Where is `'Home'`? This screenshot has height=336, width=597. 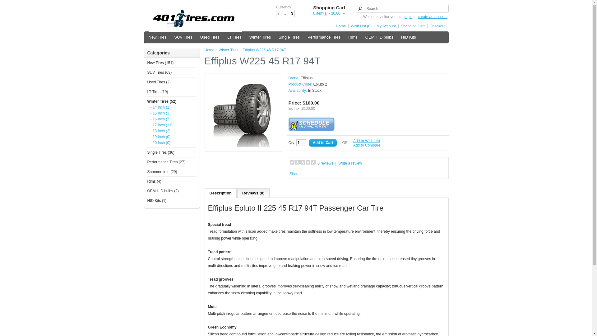 'Home' is located at coordinates (204, 50).